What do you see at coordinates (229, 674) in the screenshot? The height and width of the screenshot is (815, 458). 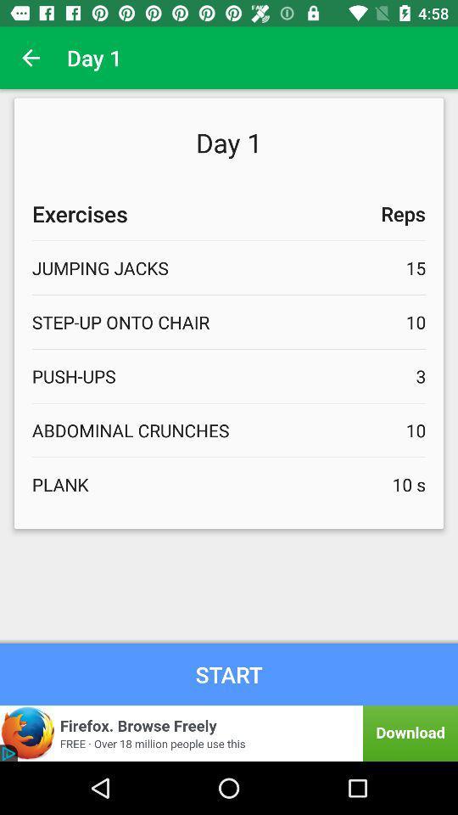 I see `press start` at bounding box center [229, 674].